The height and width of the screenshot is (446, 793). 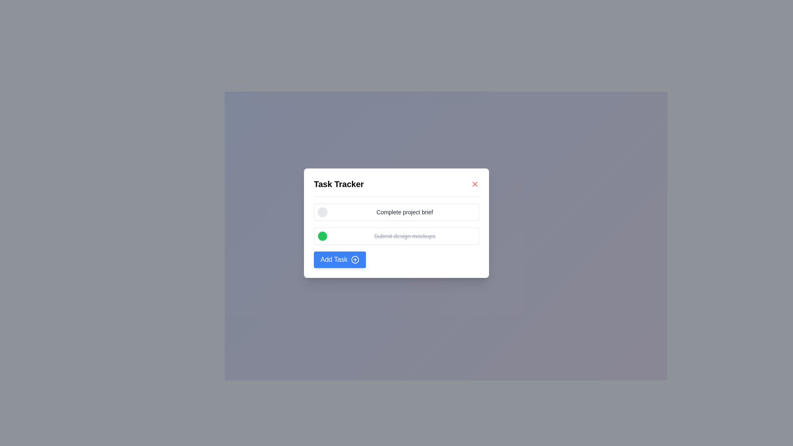 I want to click on the 'Task Tracker' text label, which is prominently displayed in bold font at the top-left section of the modal dialog, so click(x=339, y=183).